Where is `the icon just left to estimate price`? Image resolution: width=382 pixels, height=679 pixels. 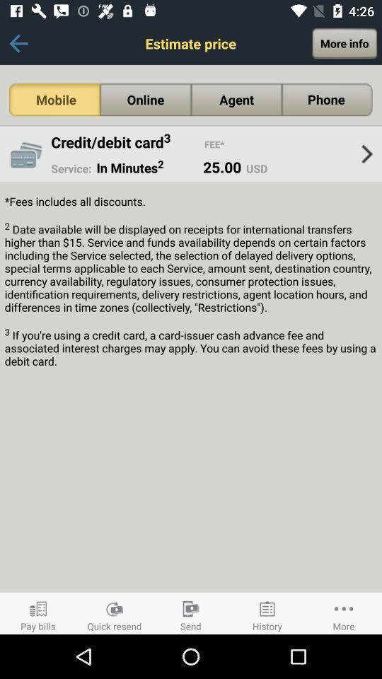 the icon just left to estimate price is located at coordinates (18, 43).